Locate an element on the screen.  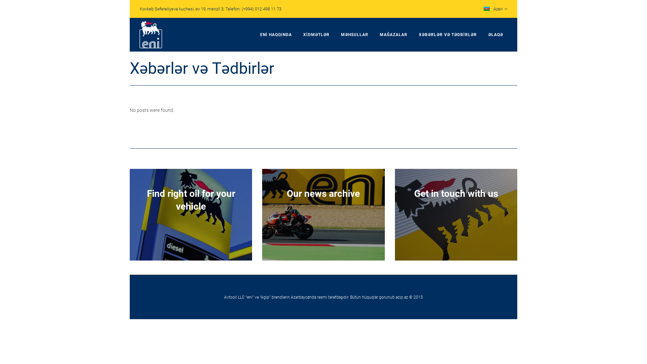
'Azeri' is located at coordinates (483, 9).